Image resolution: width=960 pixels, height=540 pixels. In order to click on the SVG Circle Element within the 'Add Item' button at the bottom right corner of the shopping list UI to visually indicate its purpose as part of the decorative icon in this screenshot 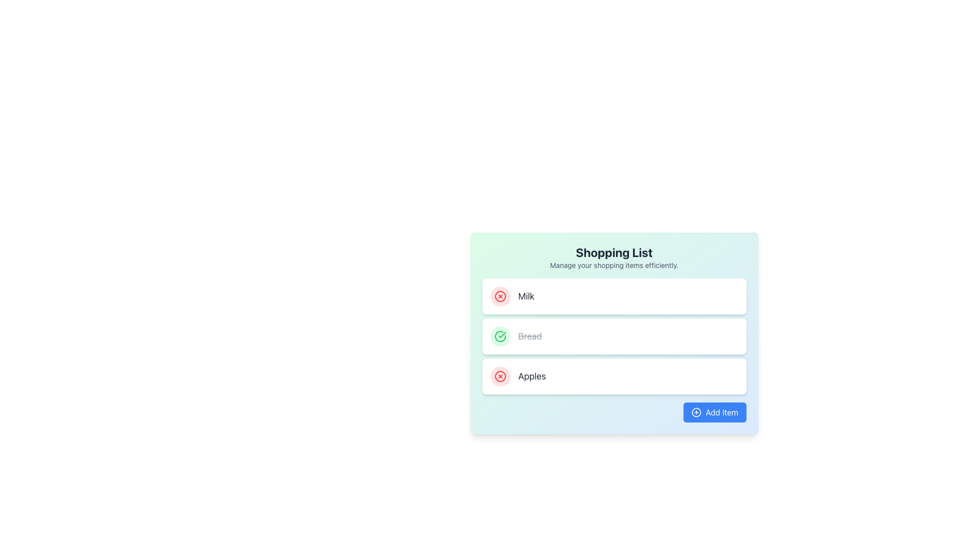, I will do `click(696, 412)`.